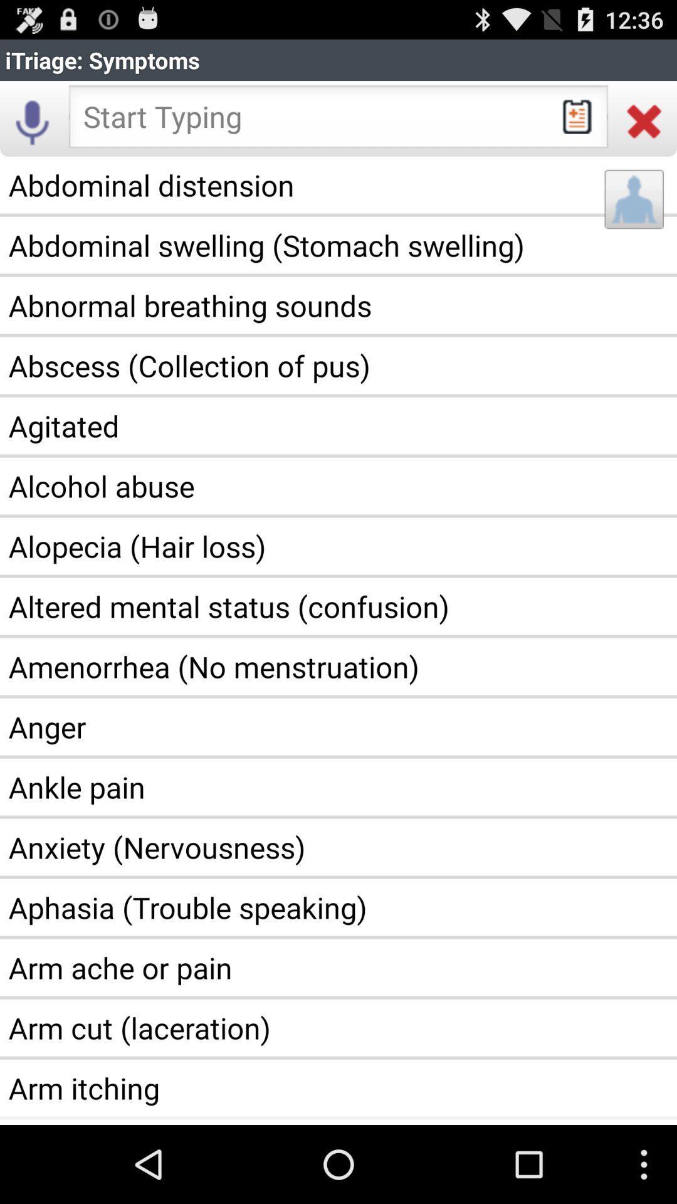 Image resolution: width=677 pixels, height=1204 pixels. I want to click on the app below the abdominal swelling stomach, so click(338, 305).